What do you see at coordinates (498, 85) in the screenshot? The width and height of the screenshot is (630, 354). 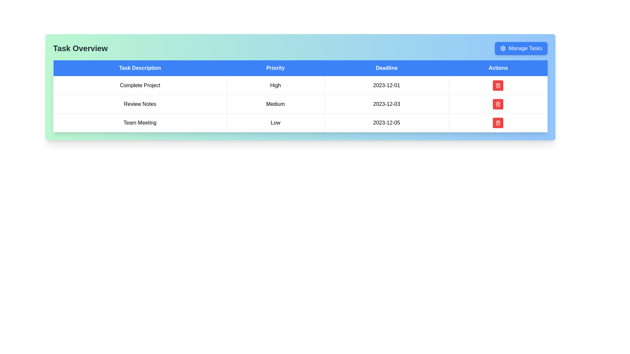 I see `the red button with a trash bin icon, located in the 'Actions' column of the task table aligned with the 'Team Meeting' row, to trigger the hover effect that changes its shade` at bounding box center [498, 85].